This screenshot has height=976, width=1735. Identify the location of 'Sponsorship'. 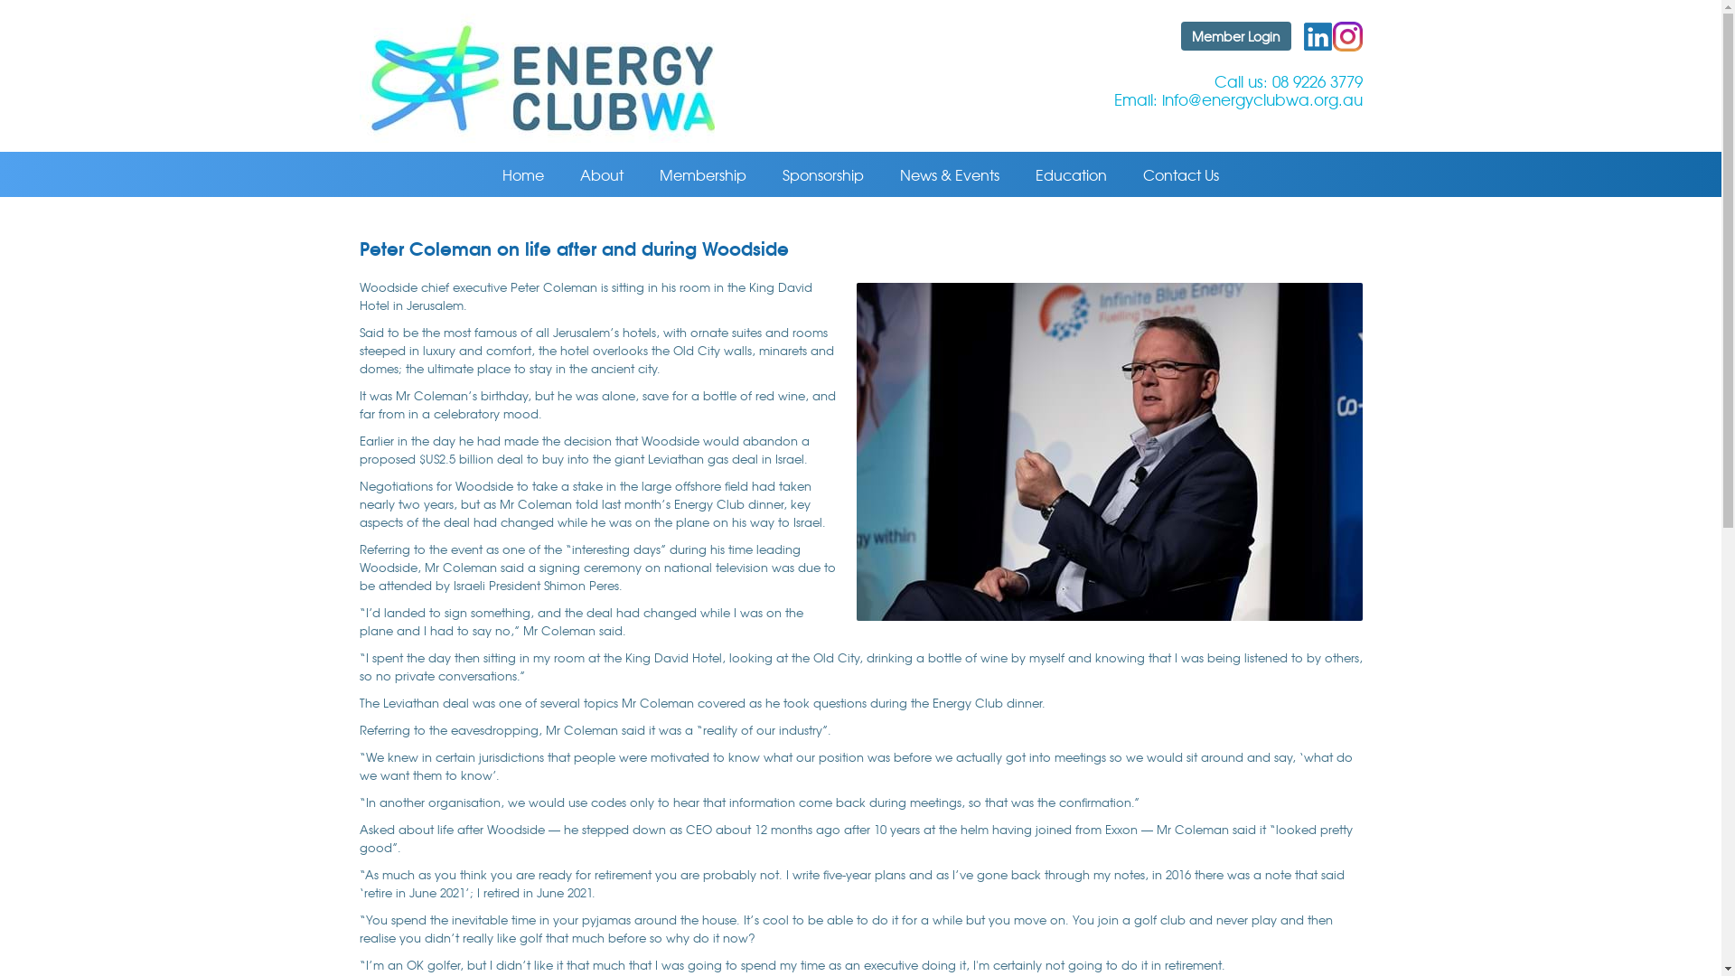
(822, 174).